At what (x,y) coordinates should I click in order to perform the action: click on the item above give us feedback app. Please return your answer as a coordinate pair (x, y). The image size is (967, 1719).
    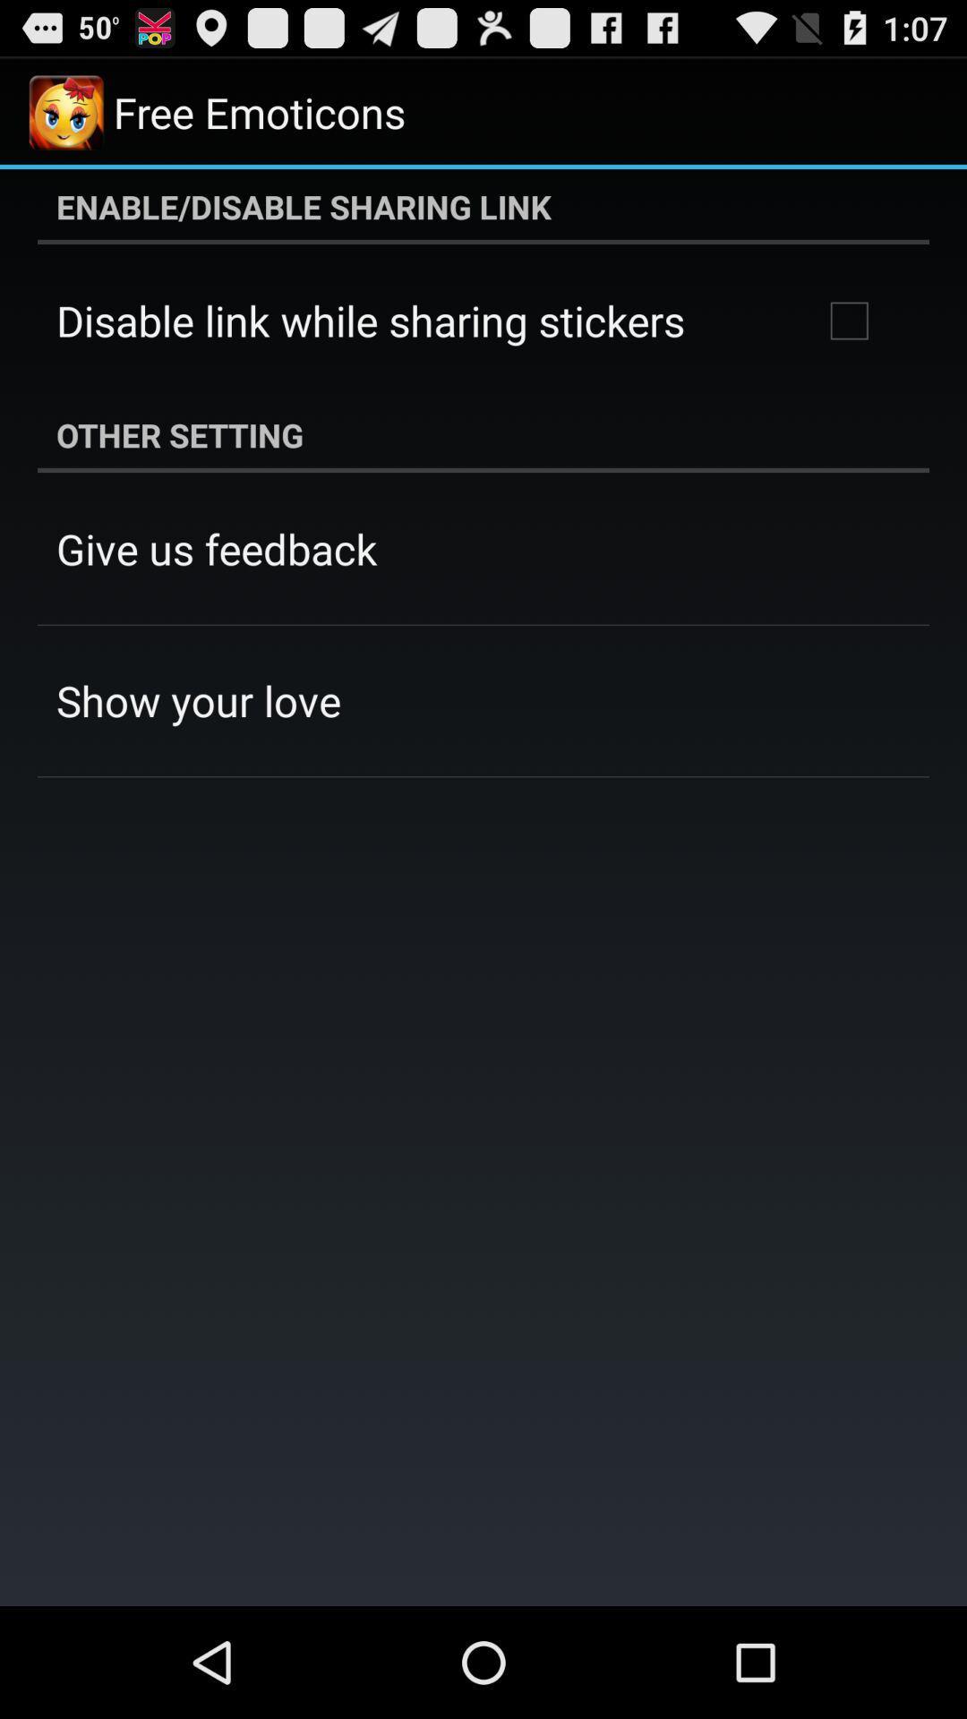
    Looking at the image, I should click on (483, 434).